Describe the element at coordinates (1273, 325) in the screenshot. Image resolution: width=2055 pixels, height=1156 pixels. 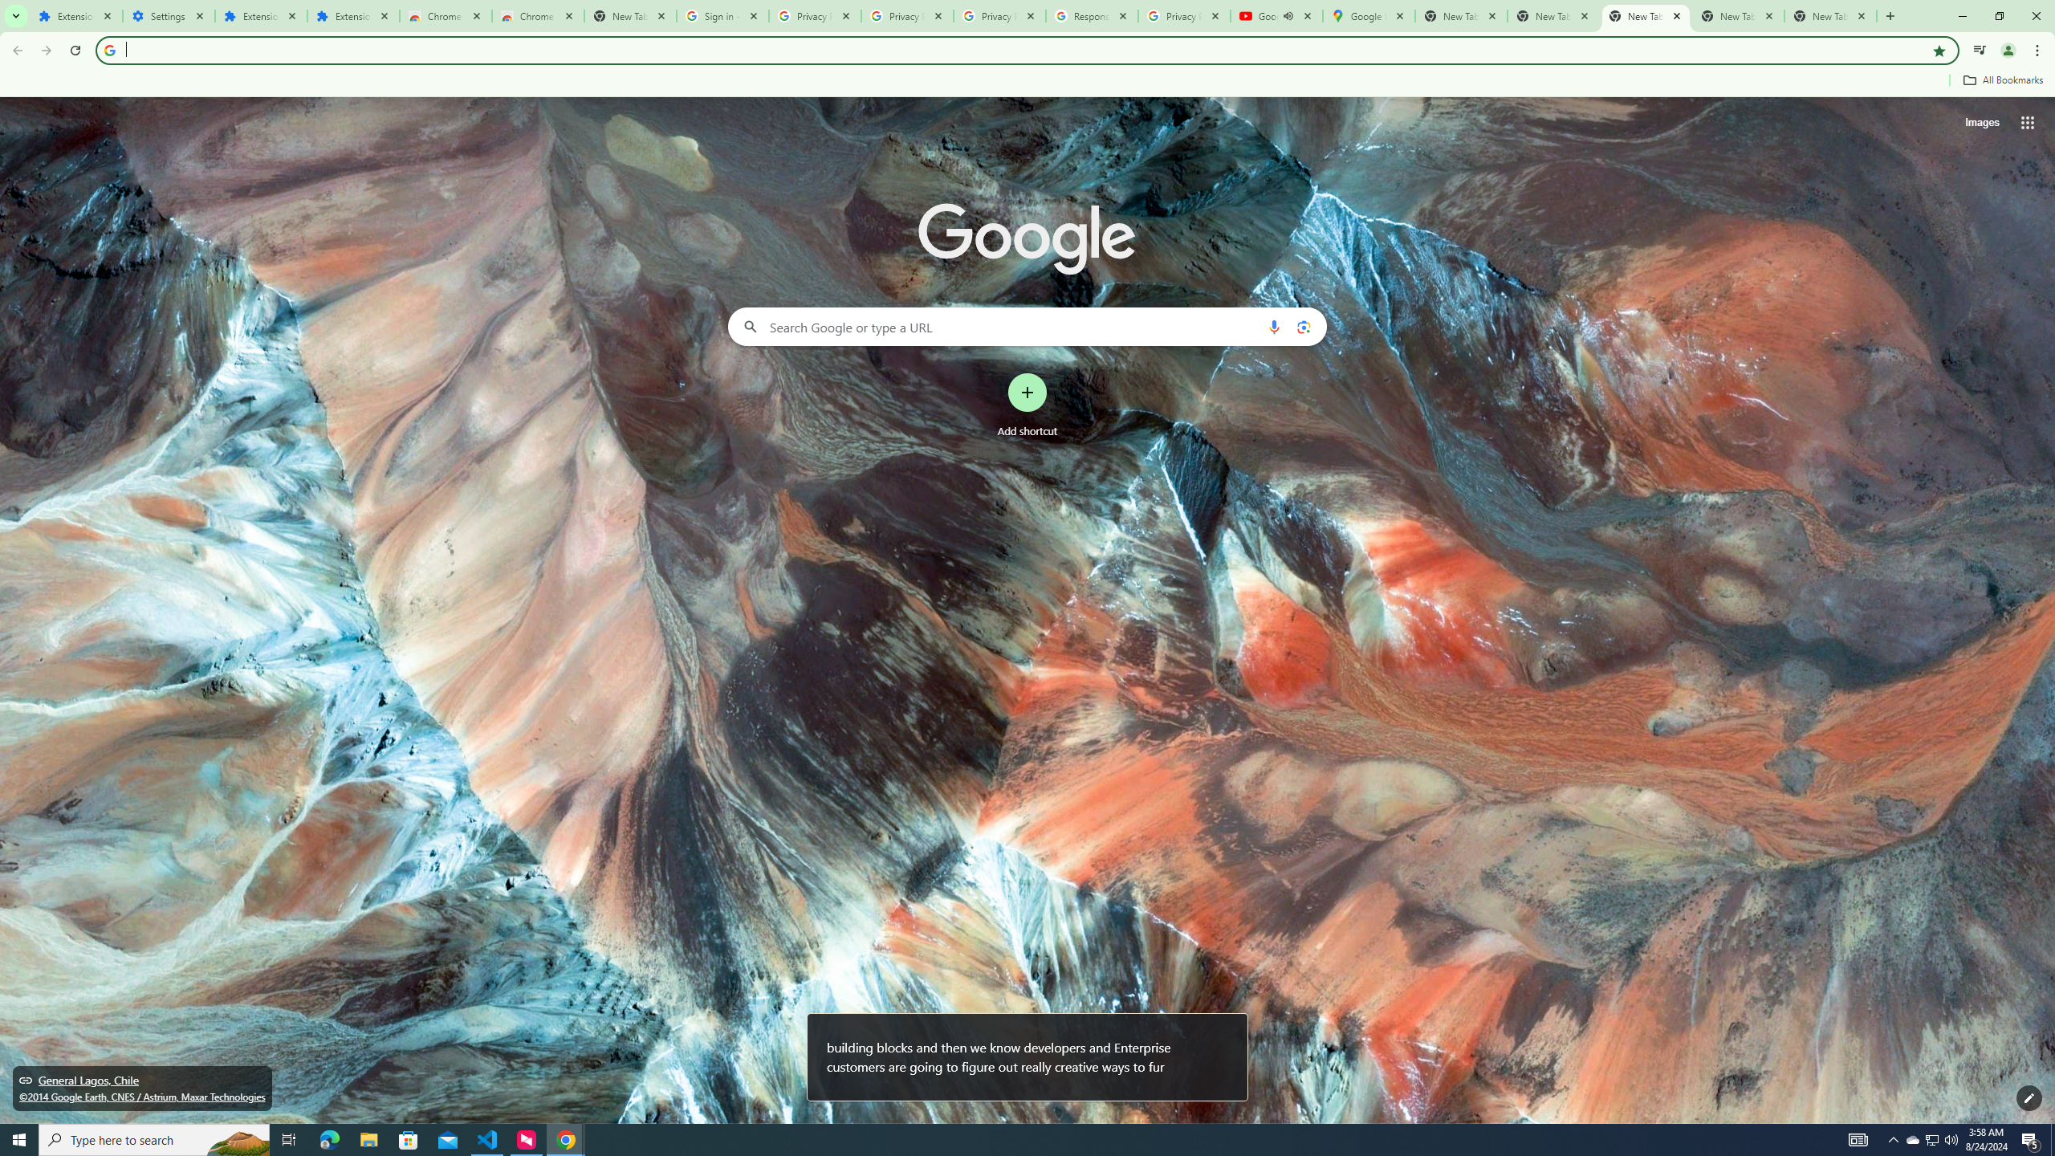
I see `'Search by voice'` at that location.